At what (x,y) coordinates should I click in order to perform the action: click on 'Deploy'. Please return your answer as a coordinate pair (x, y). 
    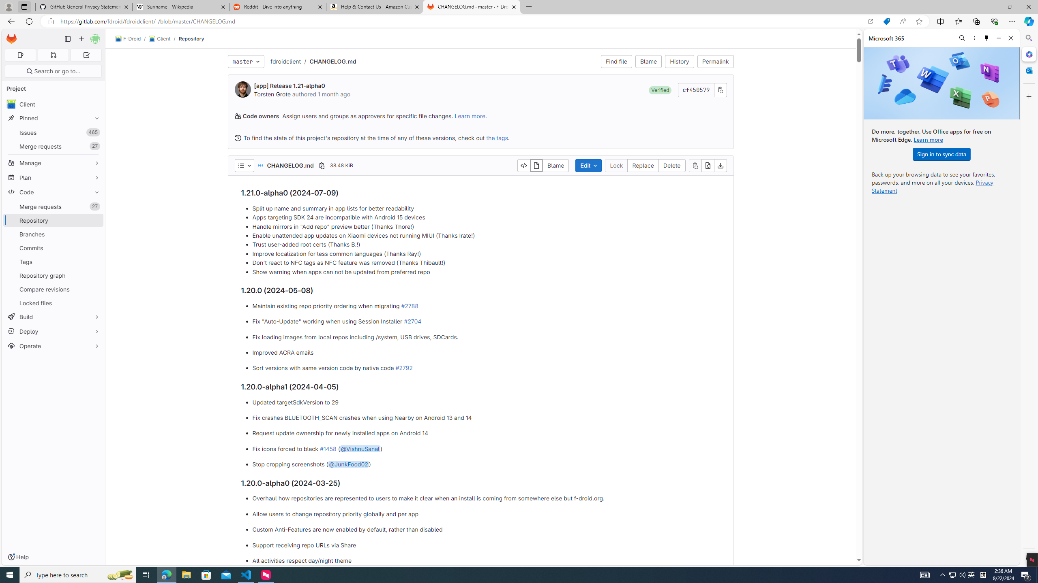
    Looking at the image, I should click on (53, 331).